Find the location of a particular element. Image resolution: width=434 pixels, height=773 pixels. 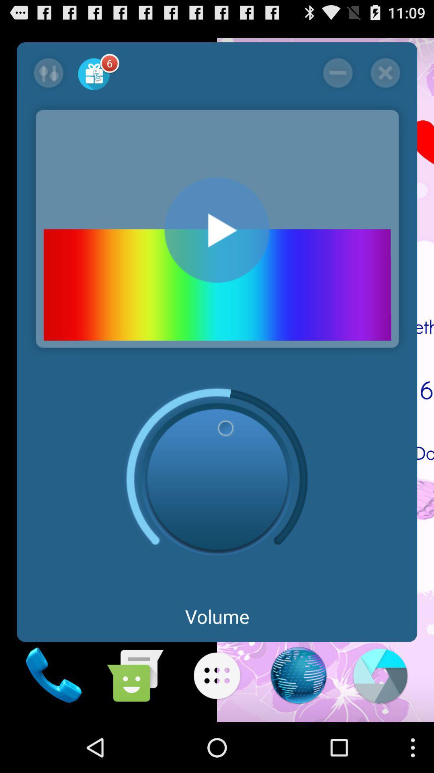

close is located at coordinates (385, 73).